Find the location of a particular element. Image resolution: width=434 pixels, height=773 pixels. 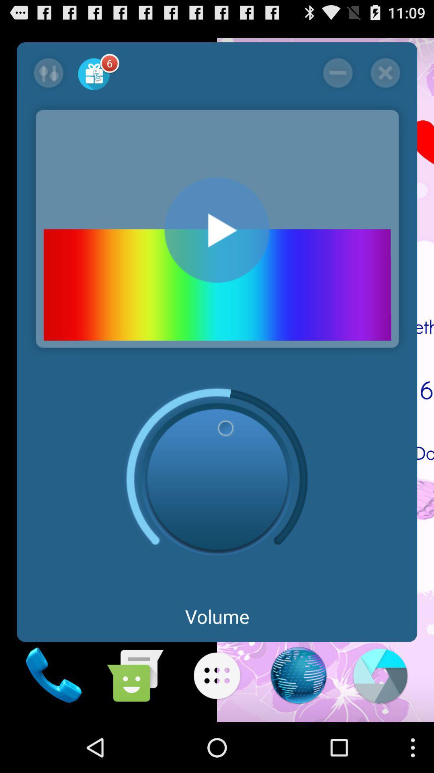

close is located at coordinates (385, 73).